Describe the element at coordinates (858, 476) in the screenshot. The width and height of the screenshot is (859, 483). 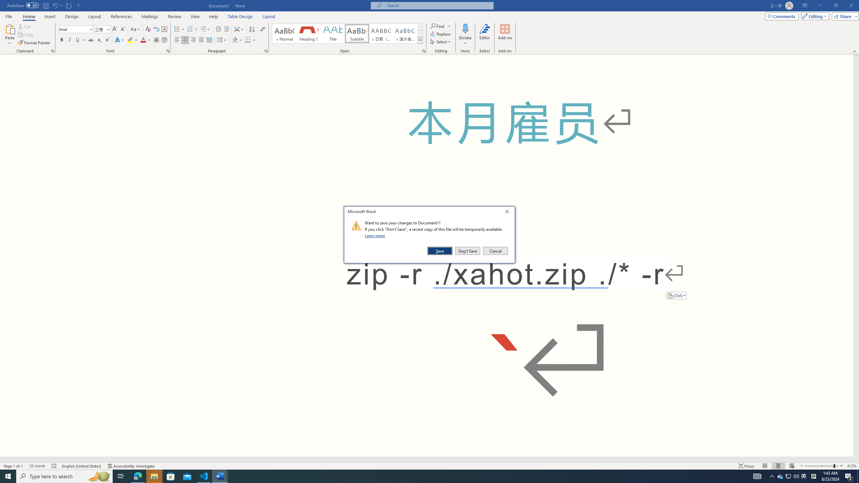
I see `'Show desktop'` at that location.